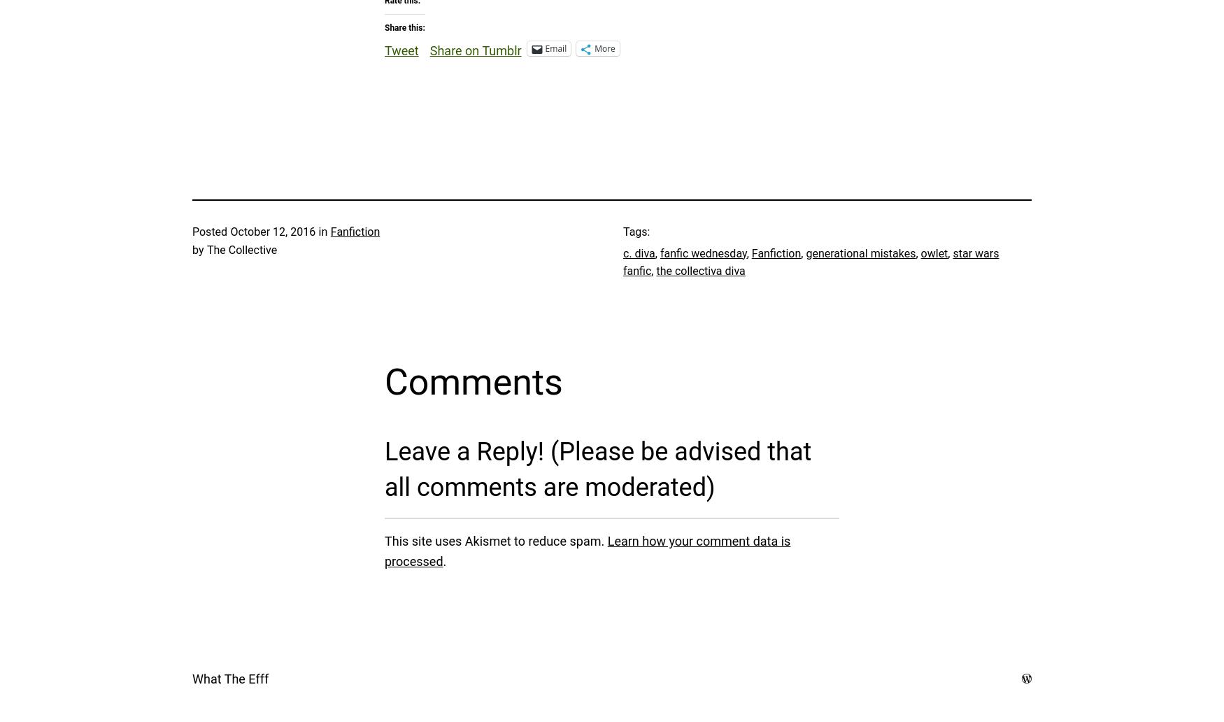  I want to click on 'Email', so click(555, 48).